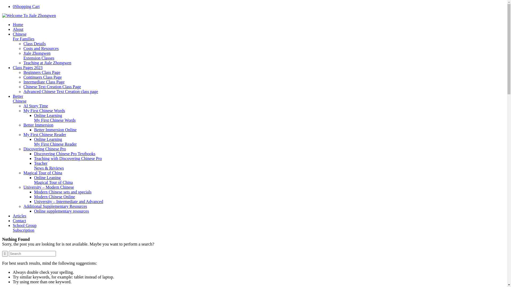 The height and width of the screenshot is (287, 511). I want to click on 'Home', so click(13, 24).